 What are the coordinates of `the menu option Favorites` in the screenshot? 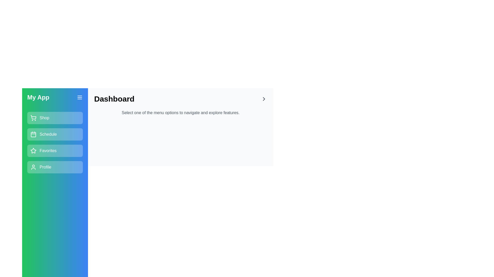 It's located at (55, 150).